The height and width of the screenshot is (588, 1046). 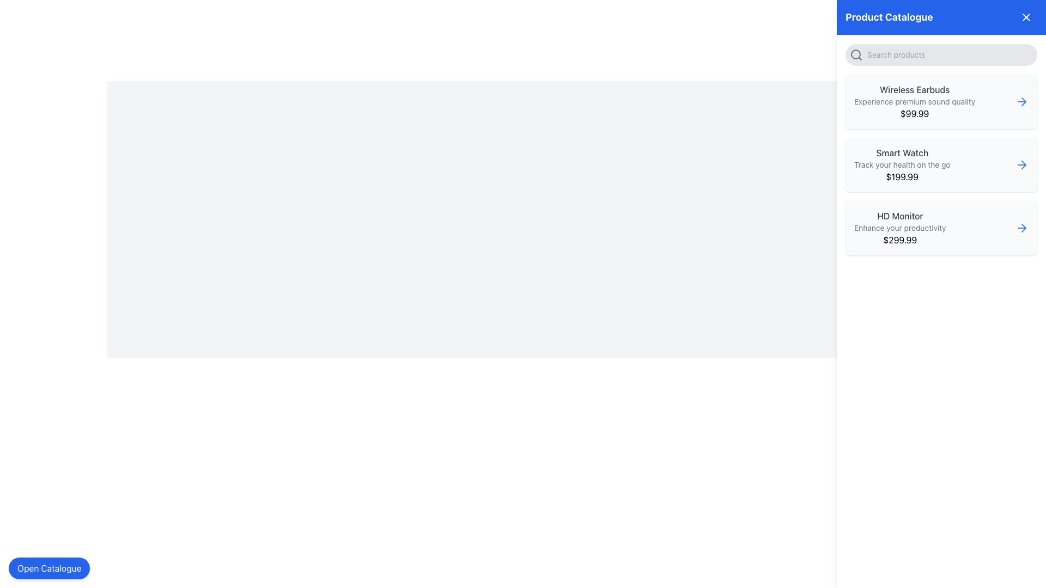 What do you see at coordinates (902, 165) in the screenshot?
I see `the text label displaying 'Track your health on the go', which is positioned beneath the heading 'Smart Watch' and above the price information '$199.99'` at bounding box center [902, 165].